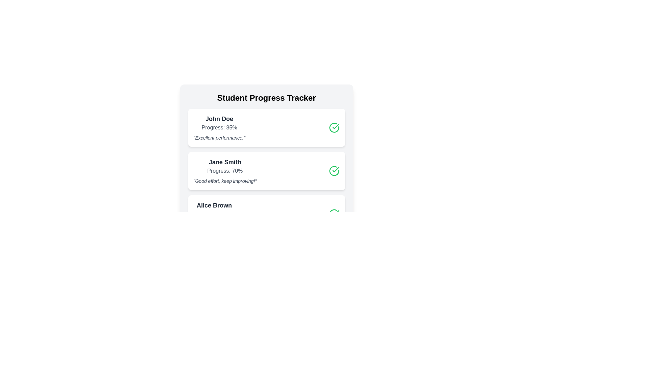 The image size is (649, 365). I want to click on the green check icon corresponding to Alice Brown, so click(334, 214).